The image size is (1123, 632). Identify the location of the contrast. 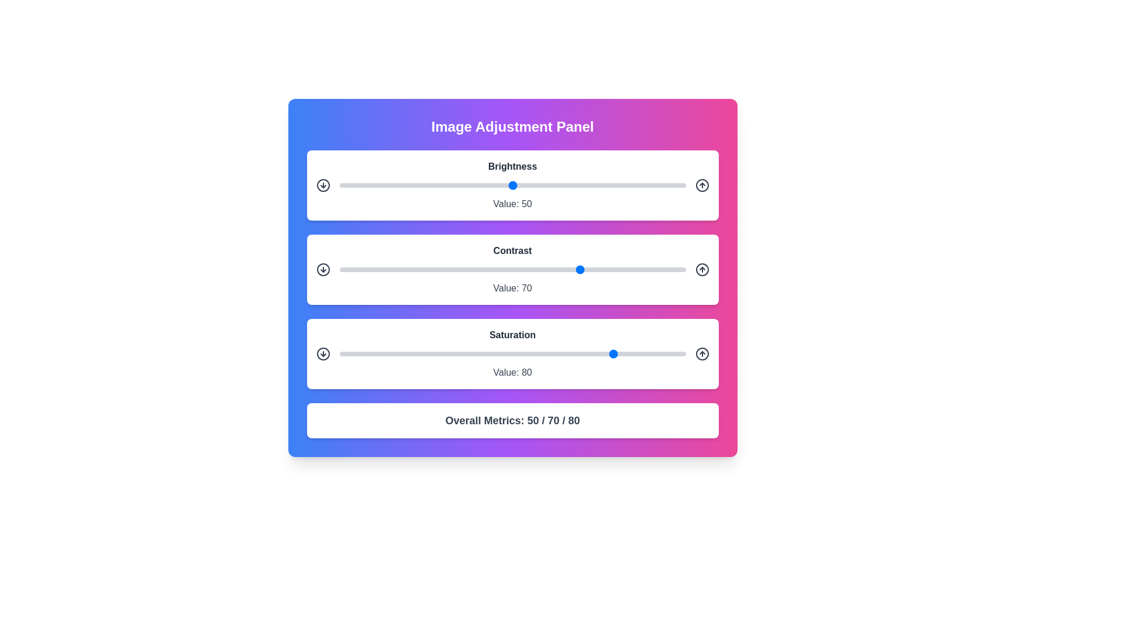
(546, 270).